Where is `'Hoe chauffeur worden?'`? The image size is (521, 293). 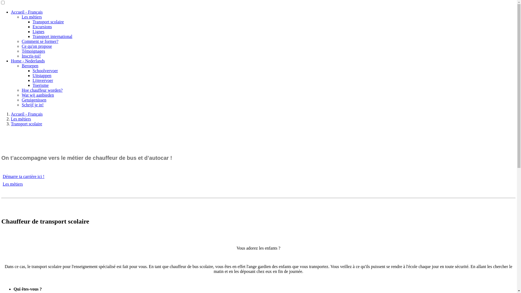 'Hoe chauffeur worden?' is located at coordinates (22, 90).